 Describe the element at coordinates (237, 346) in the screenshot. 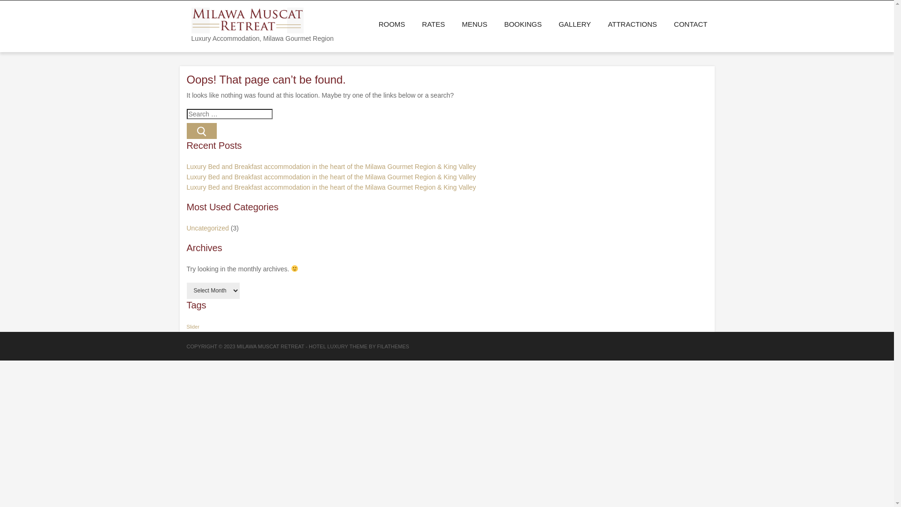

I see `'MILAWA MUSCAT RETREAT'` at that location.